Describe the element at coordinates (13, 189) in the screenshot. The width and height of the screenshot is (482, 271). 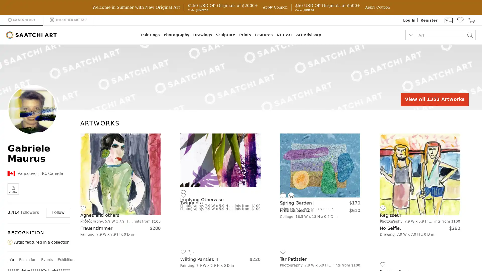
I see `SHARE` at that location.